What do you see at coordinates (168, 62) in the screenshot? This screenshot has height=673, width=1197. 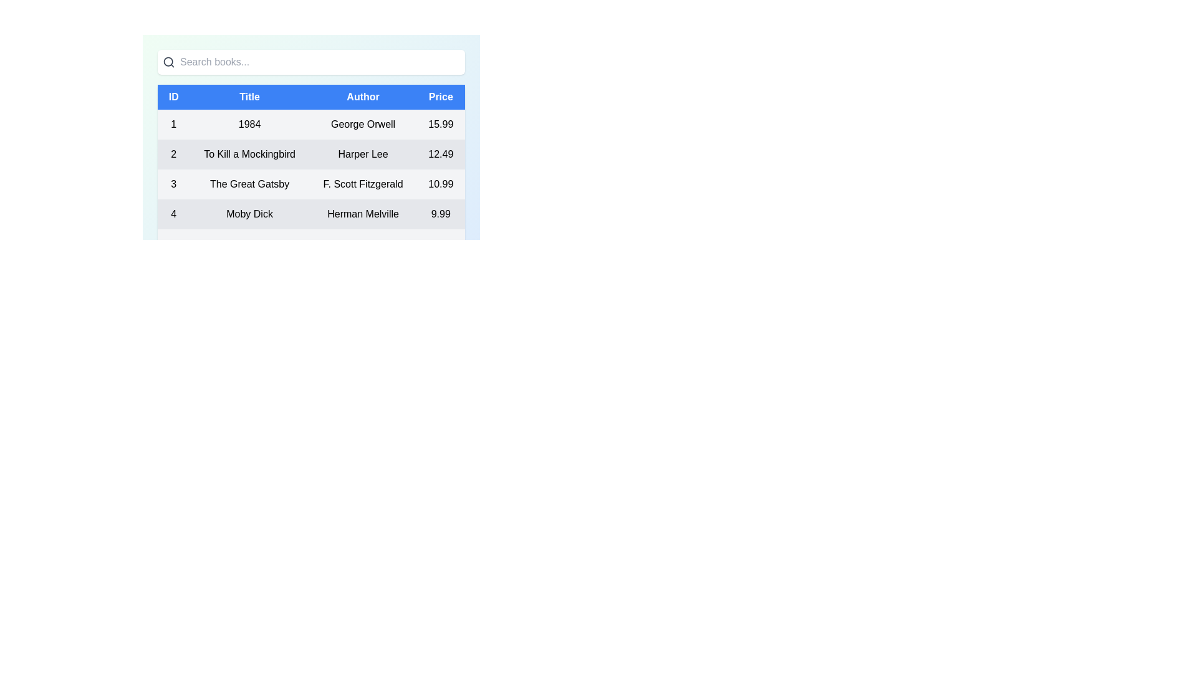 I see `the magnifying glass icon, which is characterized by a circular frame and a diagonal handle, located at the far-left of the search bar` at bounding box center [168, 62].